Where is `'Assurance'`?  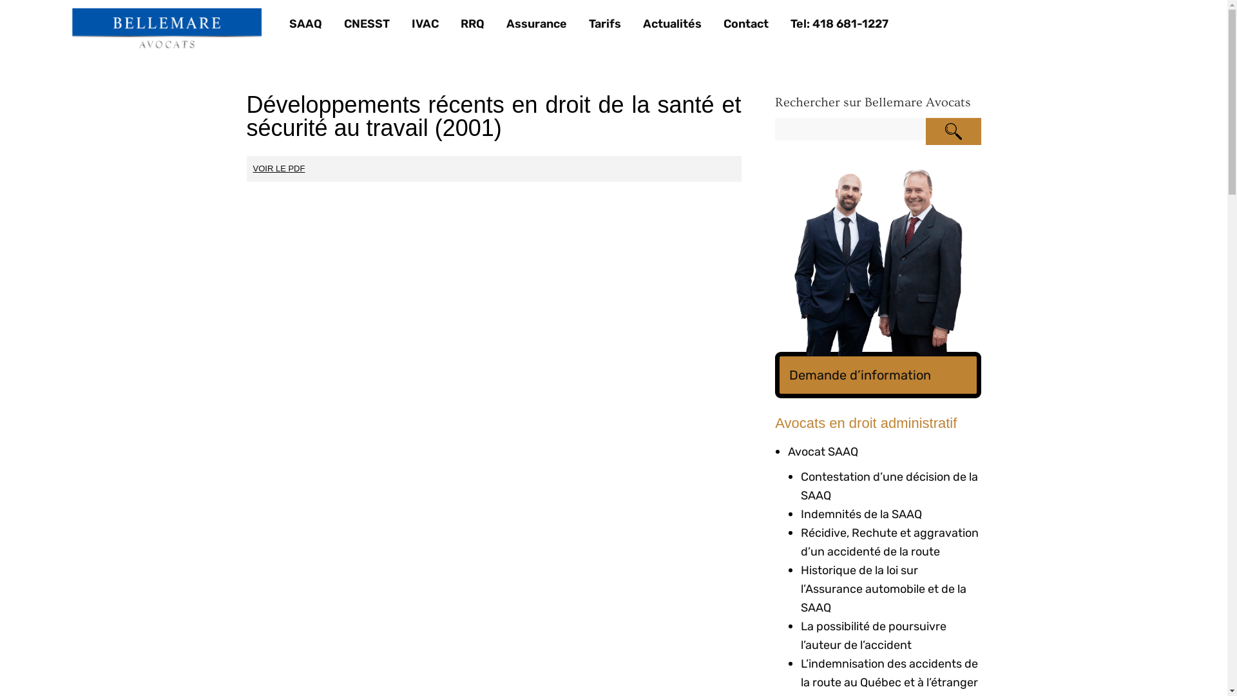 'Assurance' is located at coordinates (537, 24).